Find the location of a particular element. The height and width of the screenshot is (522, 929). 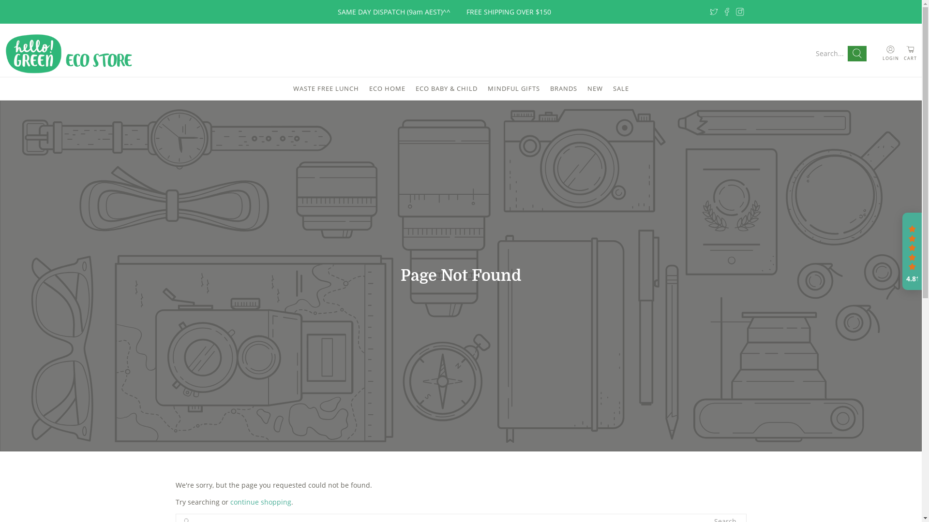

'Hello Green on Instagram' is located at coordinates (739, 12).